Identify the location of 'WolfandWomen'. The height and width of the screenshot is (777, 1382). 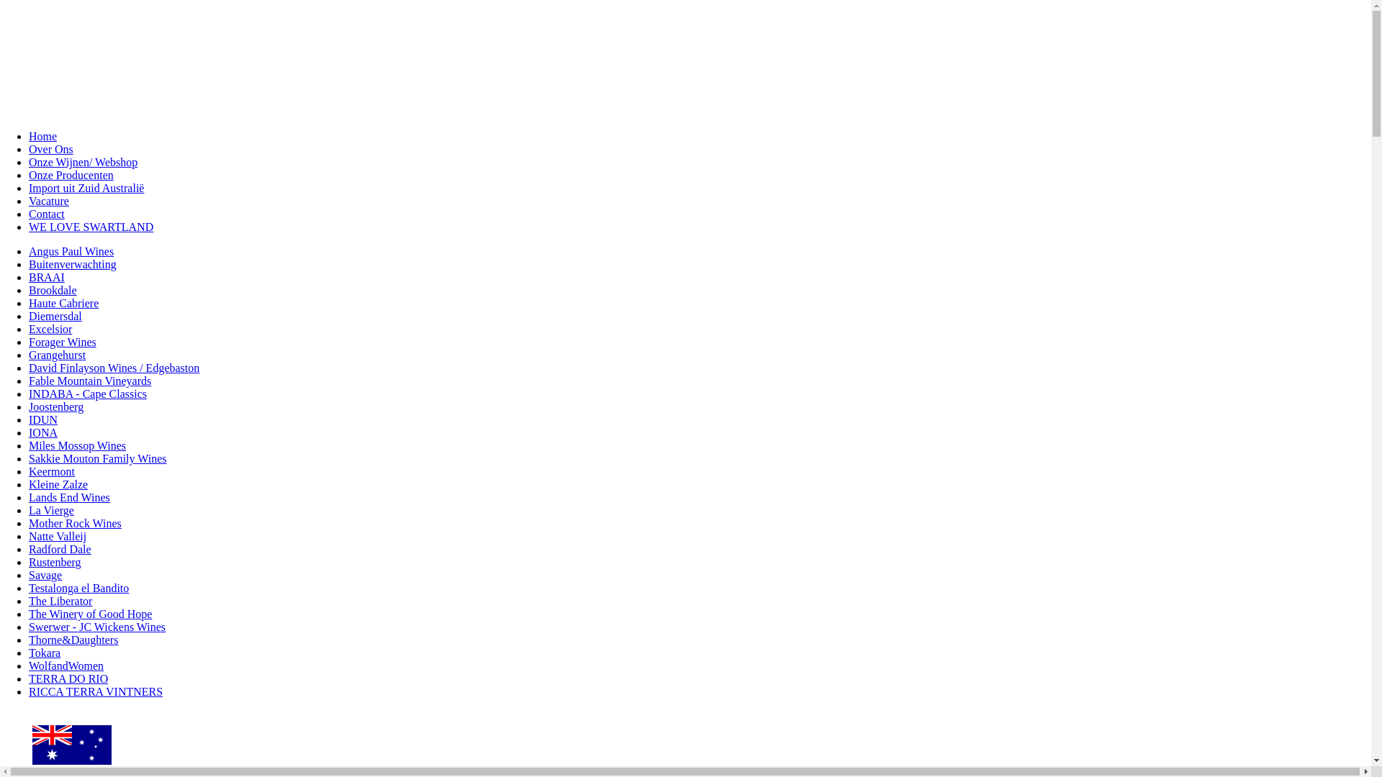
(65, 665).